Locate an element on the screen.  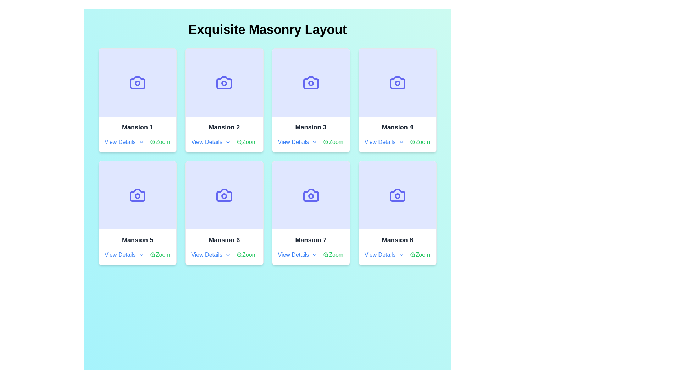
the 'View Details' link in the bottom action row of the card titled 'Mansion 7' to underline the text is located at coordinates (311, 254).